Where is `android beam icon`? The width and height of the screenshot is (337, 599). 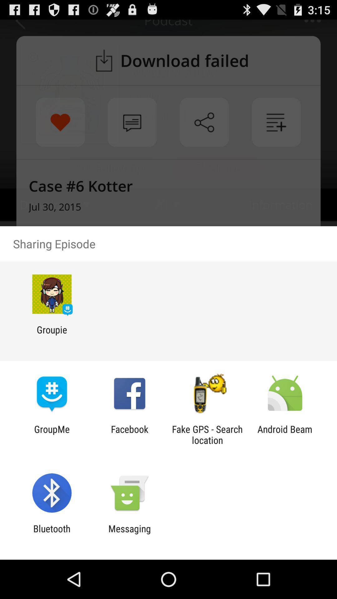 android beam icon is located at coordinates (285, 434).